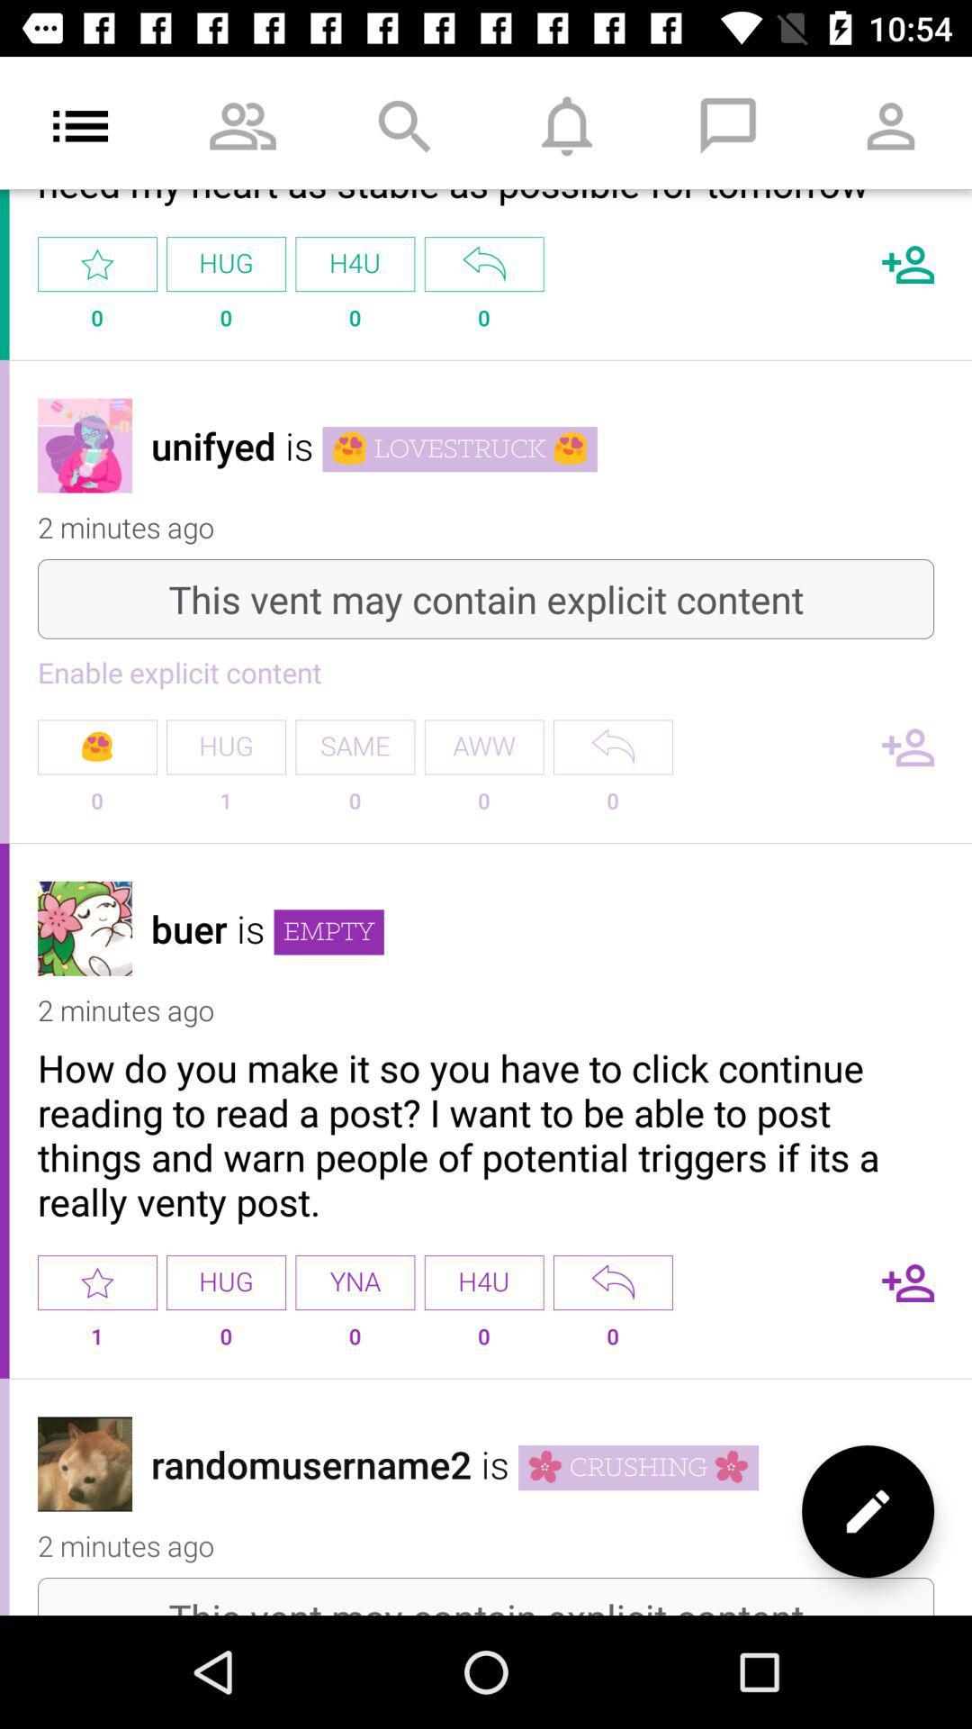  Describe the element at coordinates (612, 1281) in the screenshot. I see `the item to the right of the h4u app` at that location.